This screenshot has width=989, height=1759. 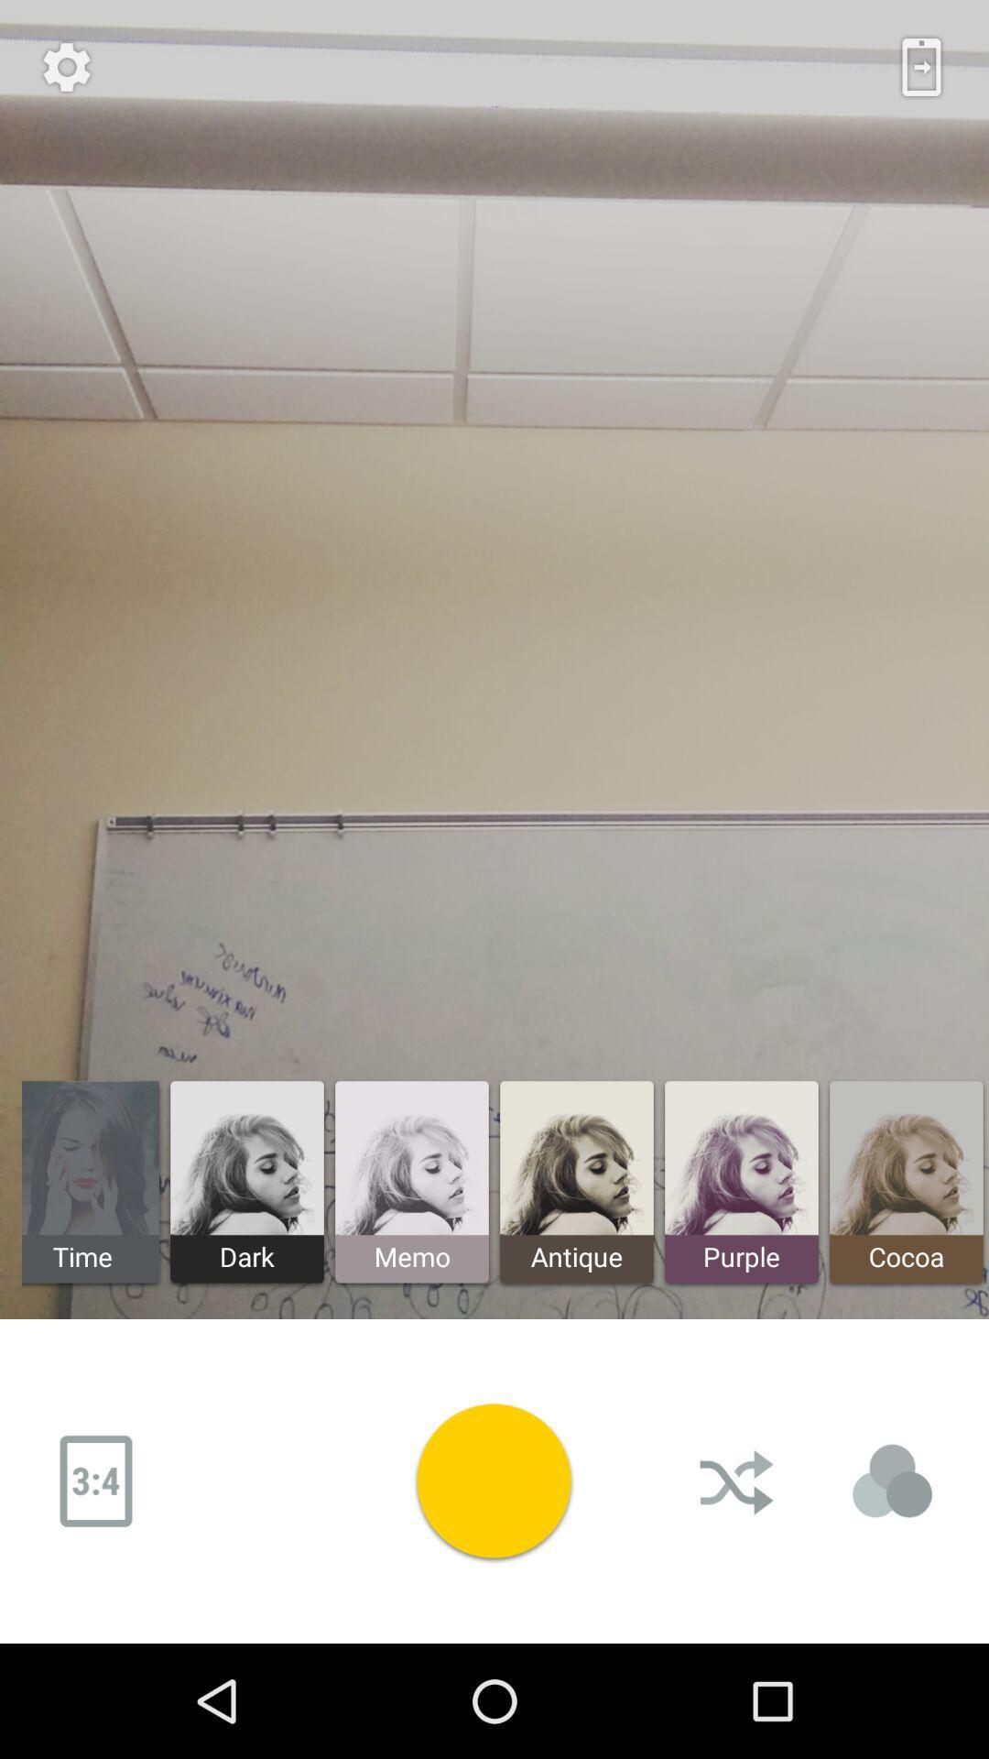 What do you see at coordinates (493, 1480) in the screenshot?
I see `video play button` at bounding box center [493, 1480].